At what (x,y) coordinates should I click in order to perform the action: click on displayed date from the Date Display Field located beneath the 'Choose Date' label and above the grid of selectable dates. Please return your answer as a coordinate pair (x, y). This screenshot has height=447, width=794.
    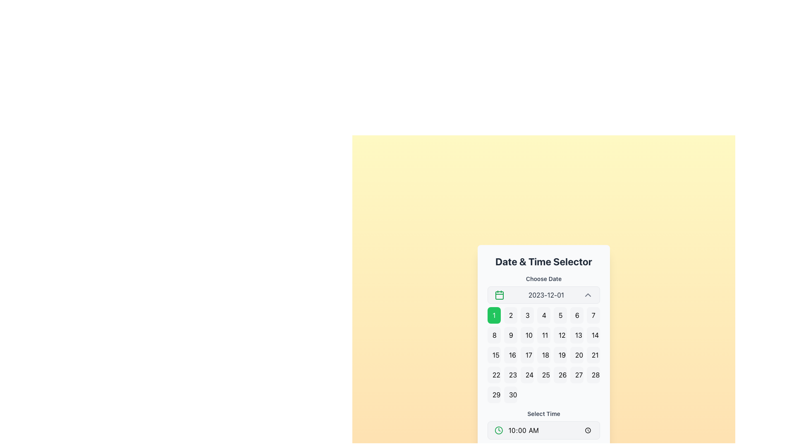
    Looking at the image, I should click on (544, 295).